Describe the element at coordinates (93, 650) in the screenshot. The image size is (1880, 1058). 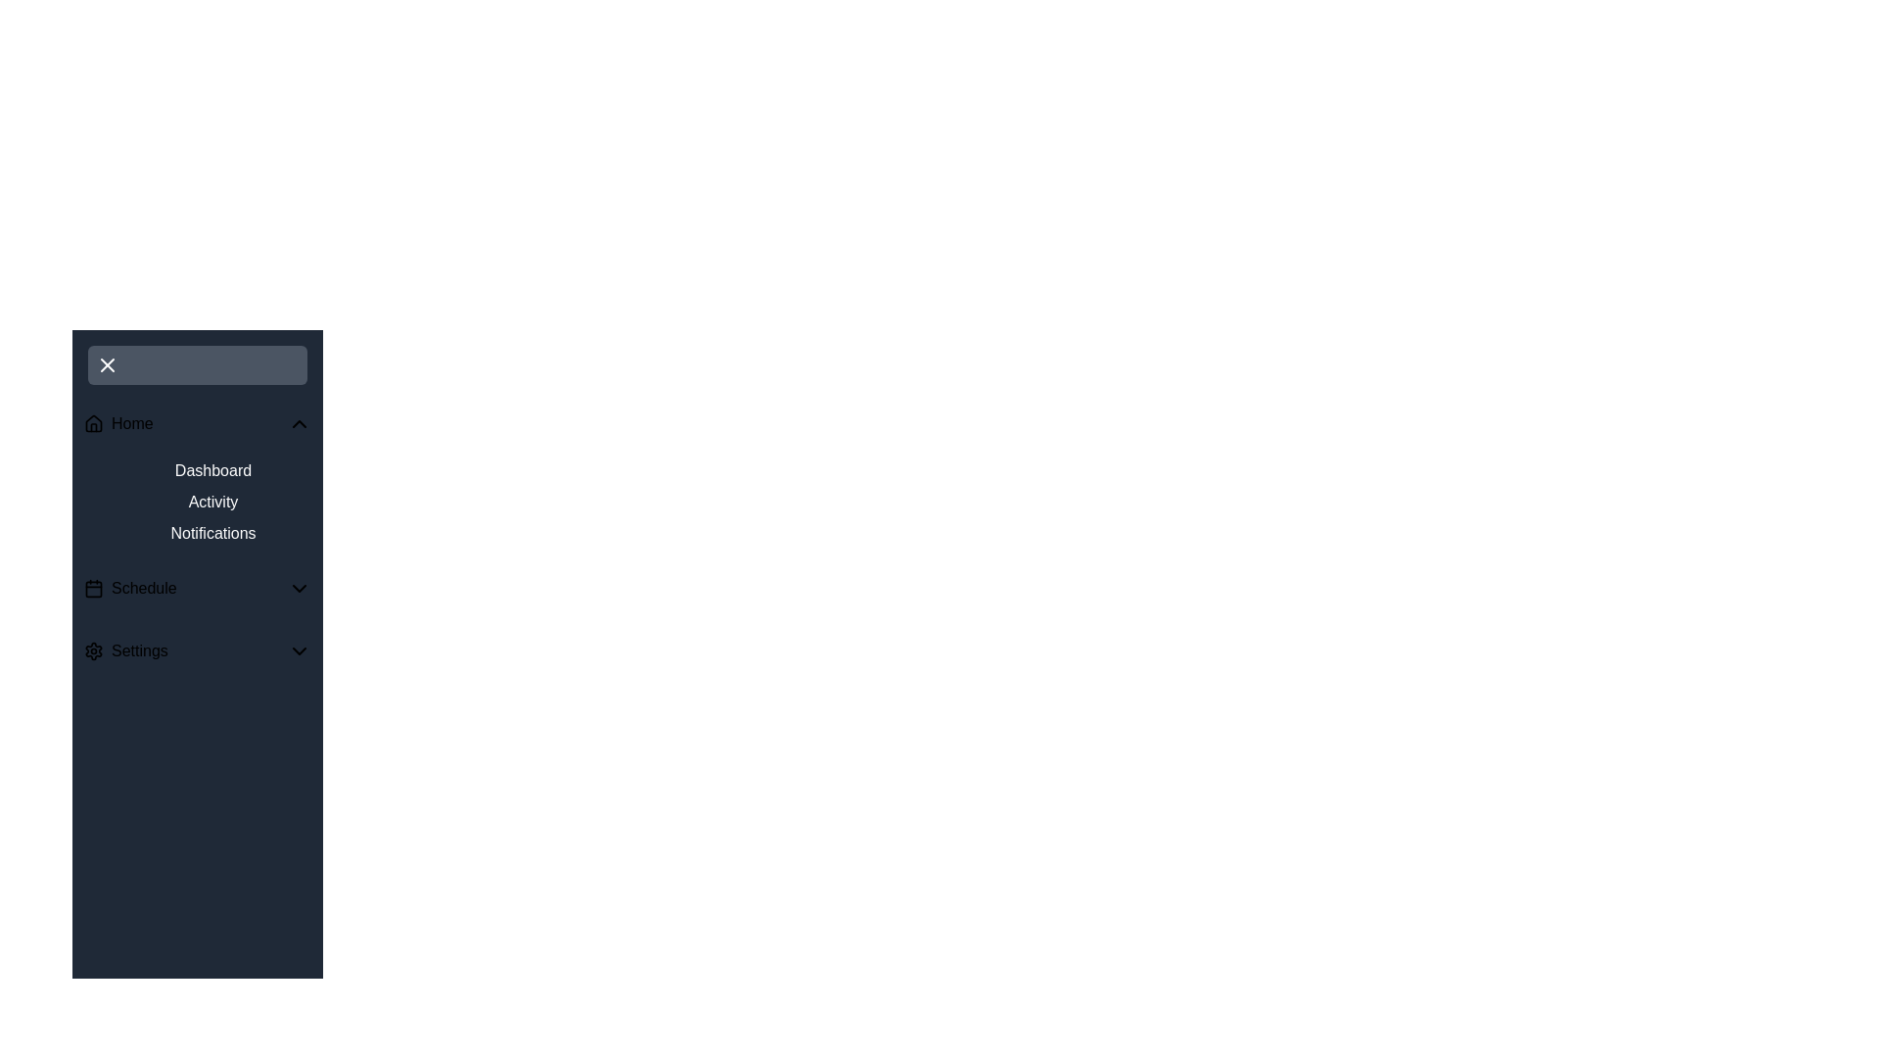
I see `the gear icon associated with settings, which is styled with a dark theme and located next to the 'Settings' text in the left navigation menu` at that location.